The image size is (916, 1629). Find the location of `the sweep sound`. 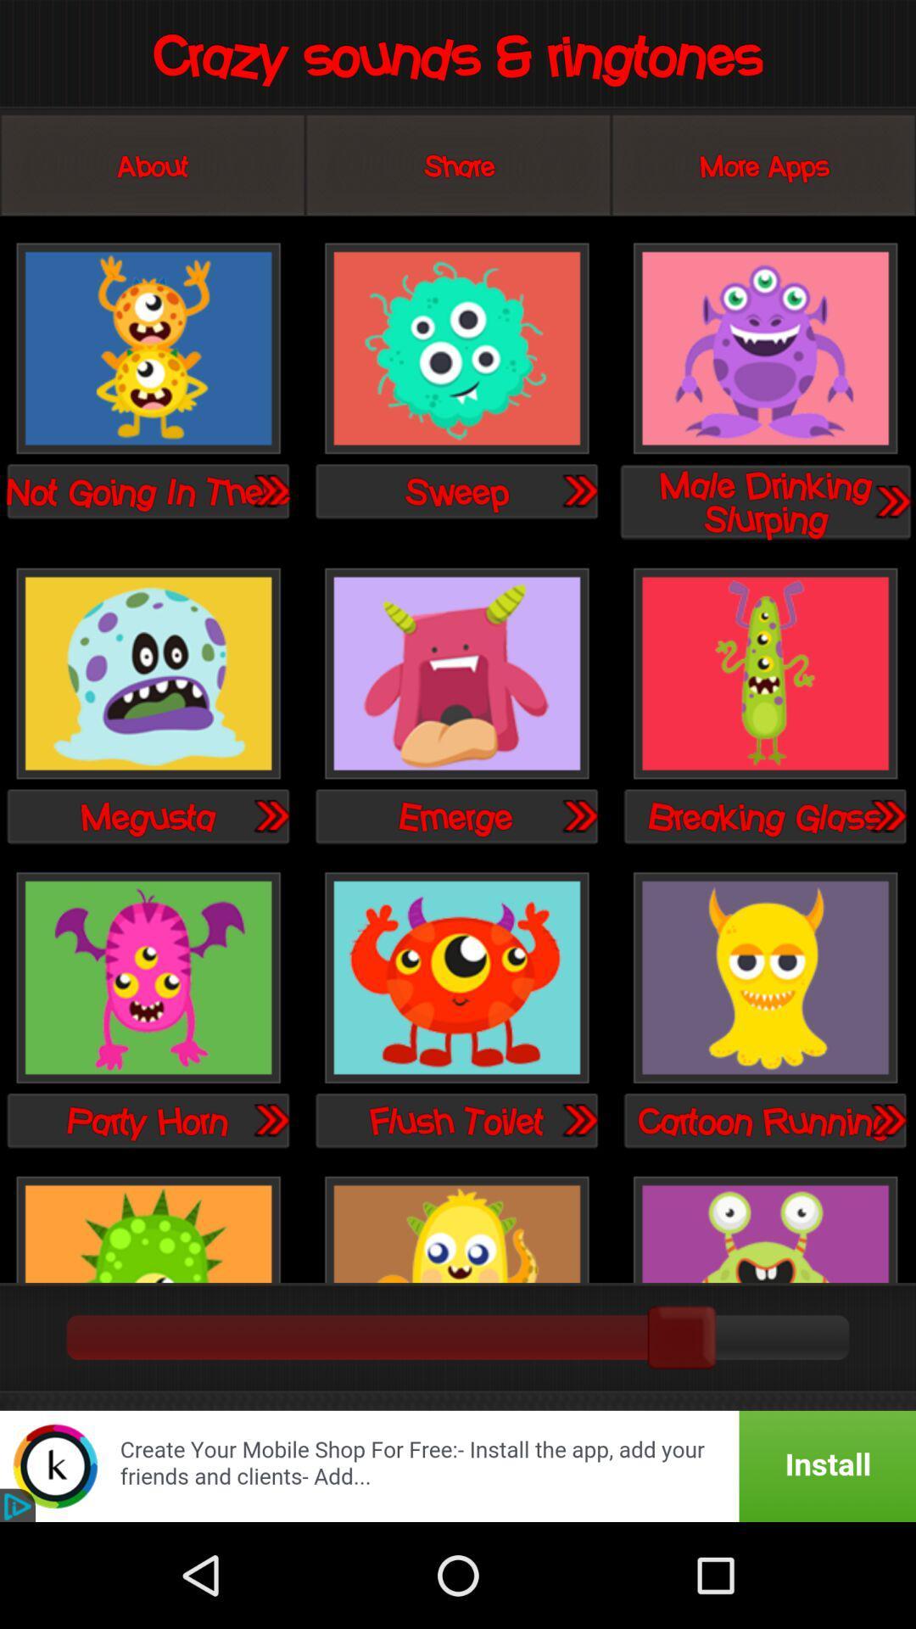

the sweep sound is located at coordinates (455, 349).